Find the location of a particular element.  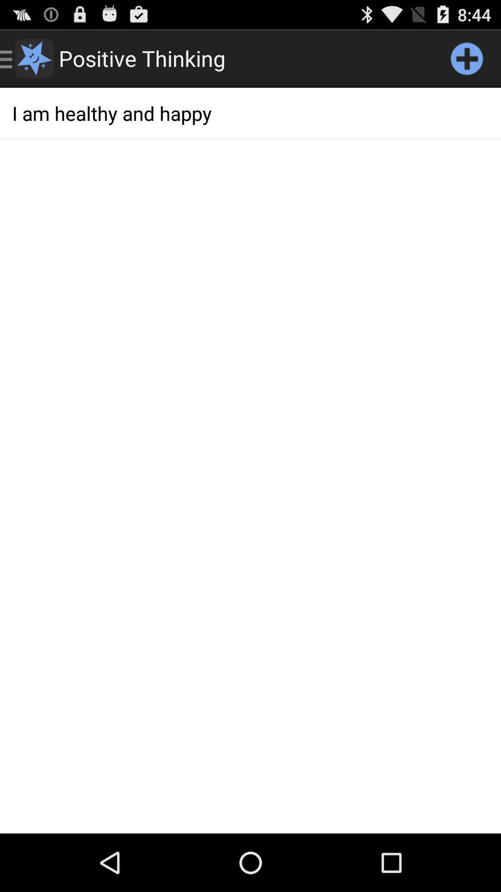

to list is located at coordinates (467, 58).